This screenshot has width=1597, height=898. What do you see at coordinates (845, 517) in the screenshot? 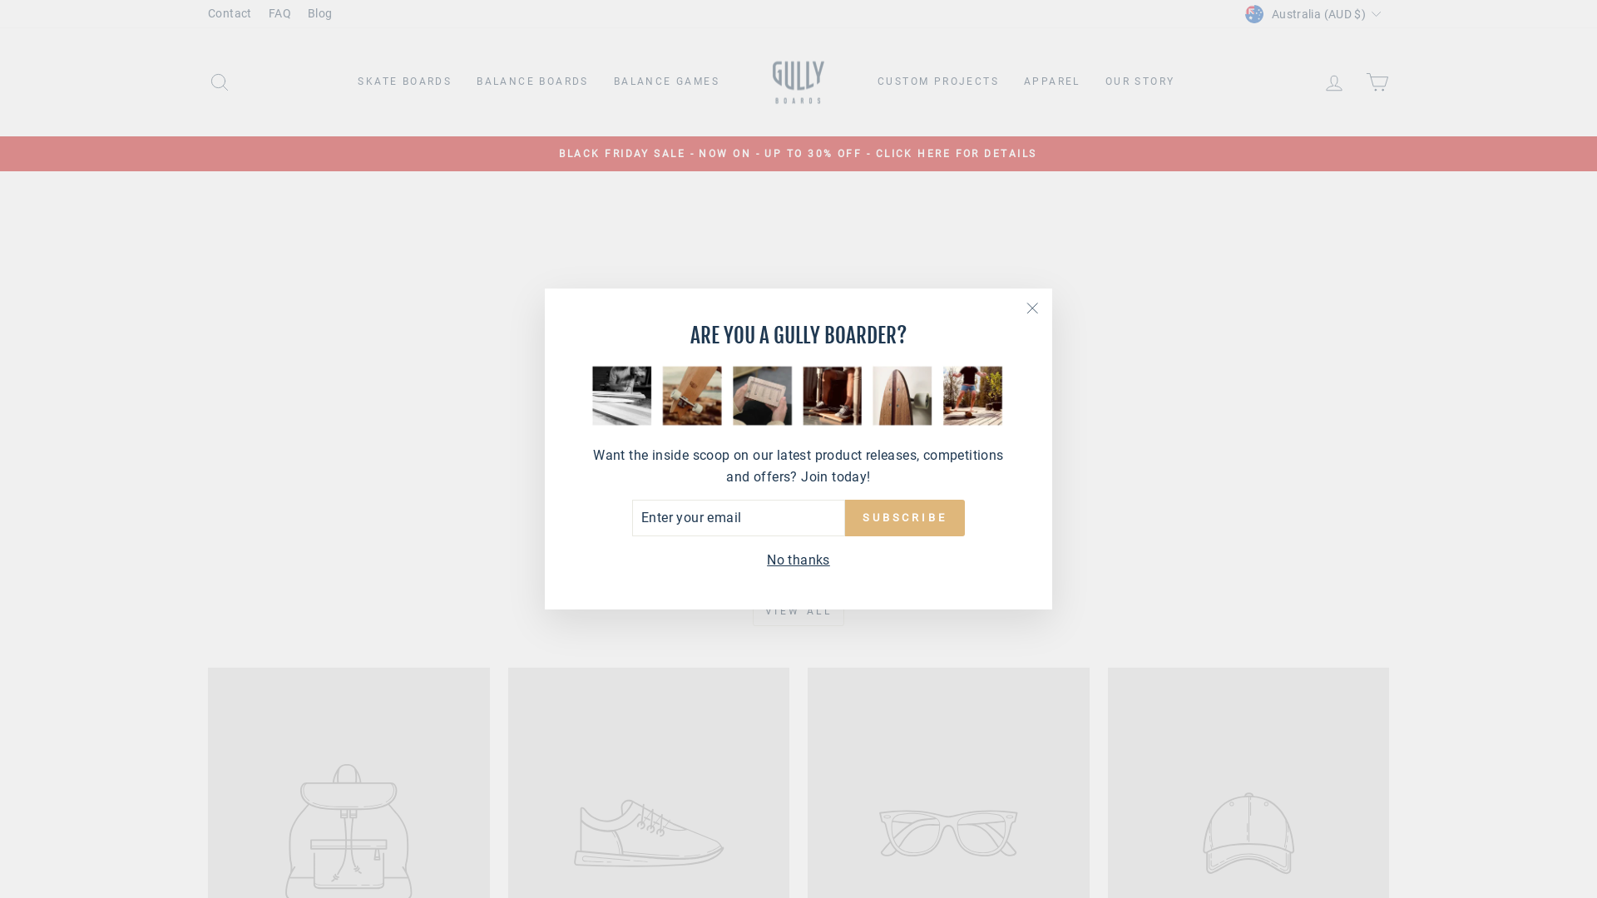
I see `'SUBSCRIBE'` at bounding box center [845, 517].